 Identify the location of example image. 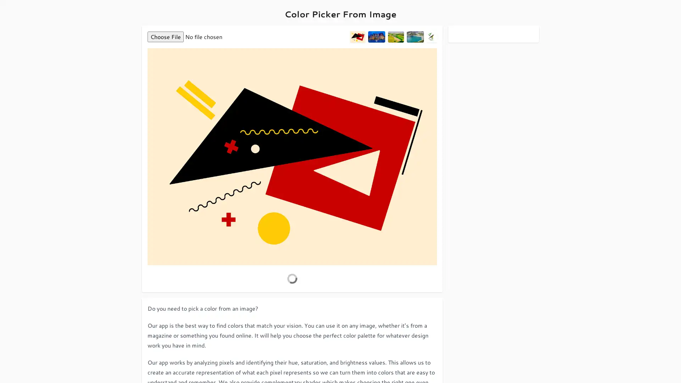
(358, 37).